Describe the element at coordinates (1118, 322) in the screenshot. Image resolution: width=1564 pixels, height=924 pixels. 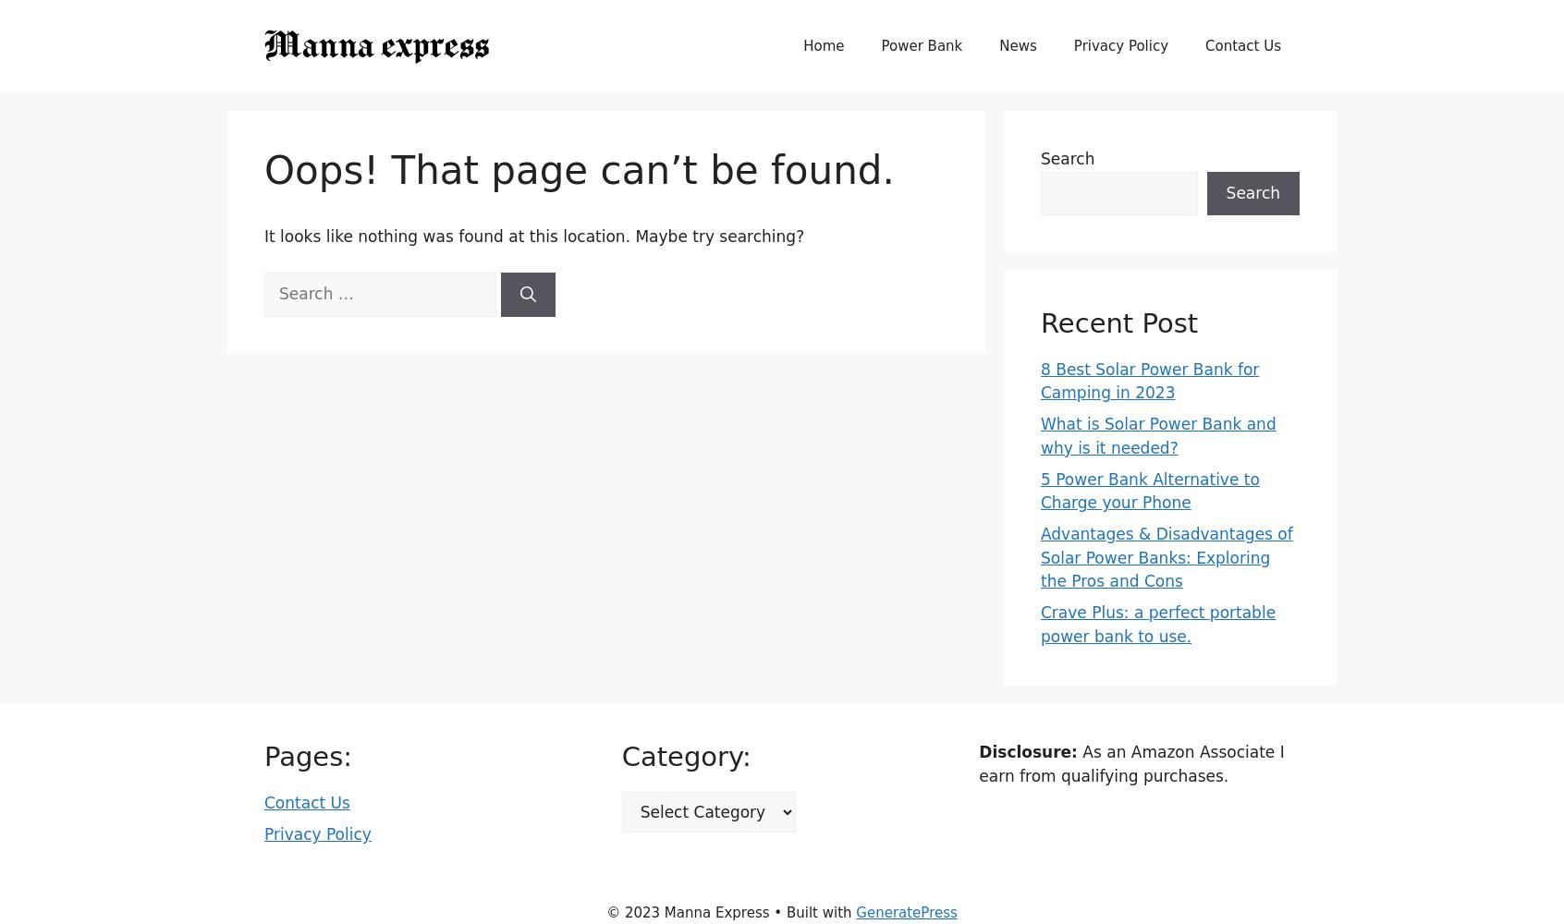
I see `'Recent Post'` at that location.